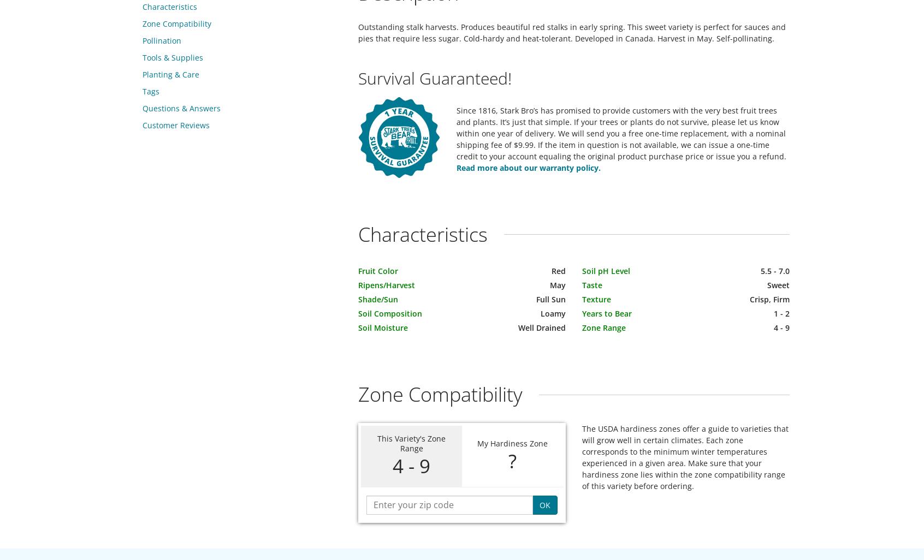 This screenshot has width=924, height=560. Describe the element at coordinates (175, 125) in the screenshot. I see `'Customer Reviews'` at that location.